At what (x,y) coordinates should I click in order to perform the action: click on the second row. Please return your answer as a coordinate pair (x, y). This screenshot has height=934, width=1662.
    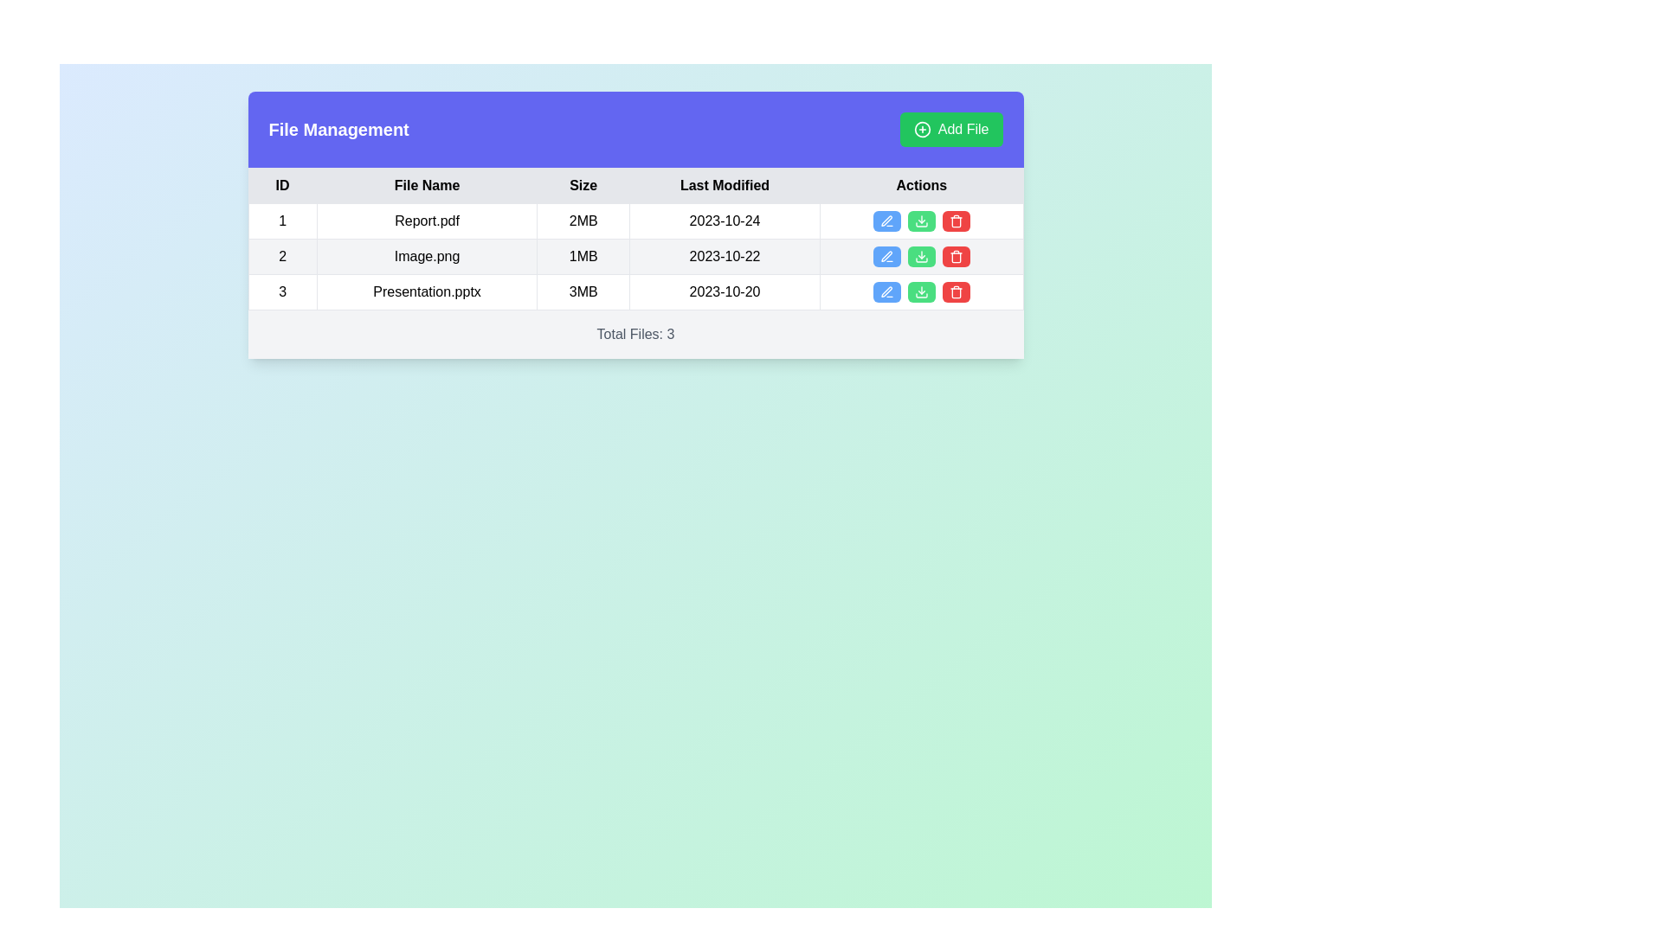
    Looking at the image, I should click on (635, 257).